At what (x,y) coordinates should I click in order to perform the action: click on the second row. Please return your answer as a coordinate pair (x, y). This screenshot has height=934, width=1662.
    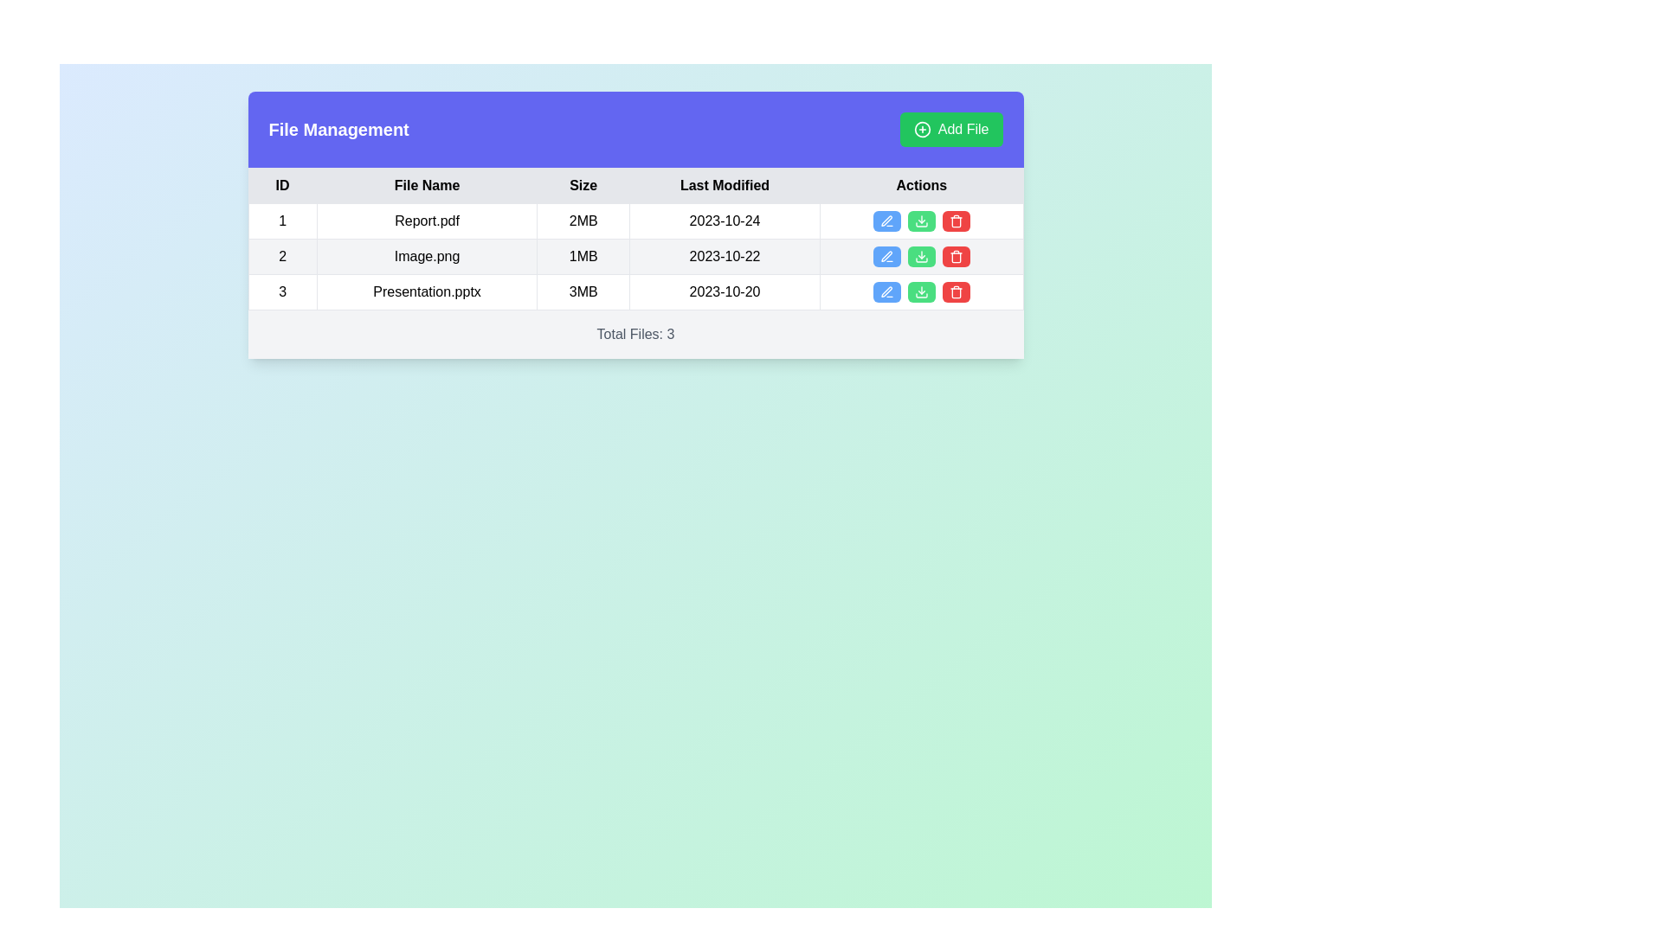
    Looking at the image, I should click on (635, 257).